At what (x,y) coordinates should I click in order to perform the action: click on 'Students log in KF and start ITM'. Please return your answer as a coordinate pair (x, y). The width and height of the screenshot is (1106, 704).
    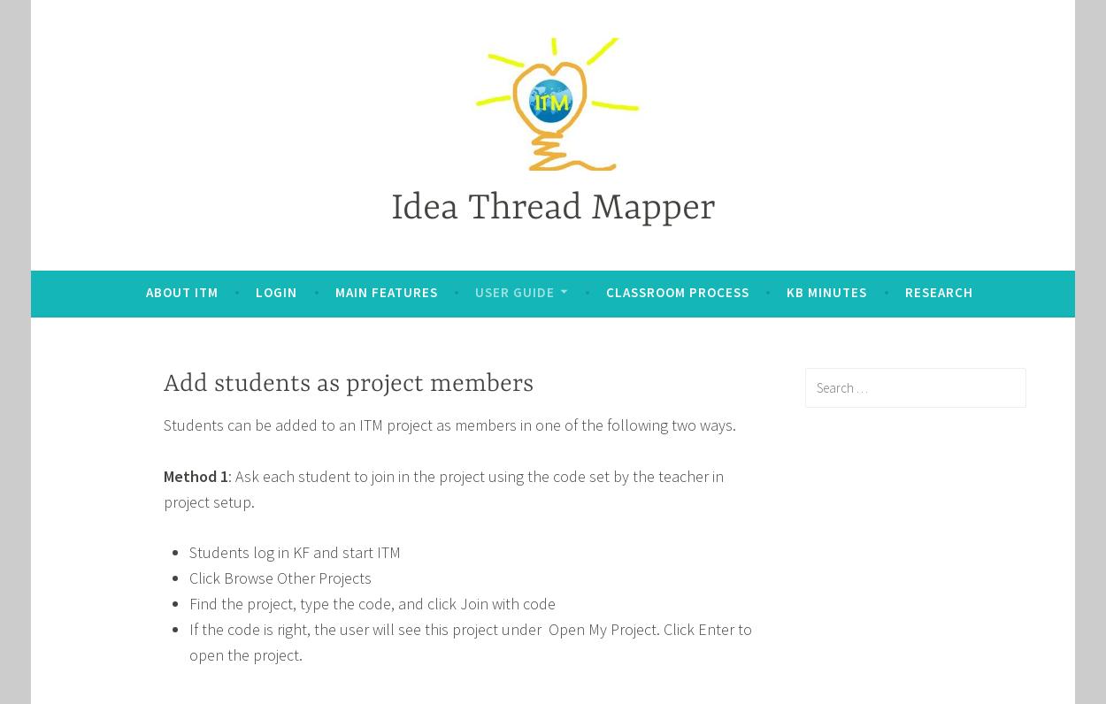
    Looking at the image, I should click on (293, 551).